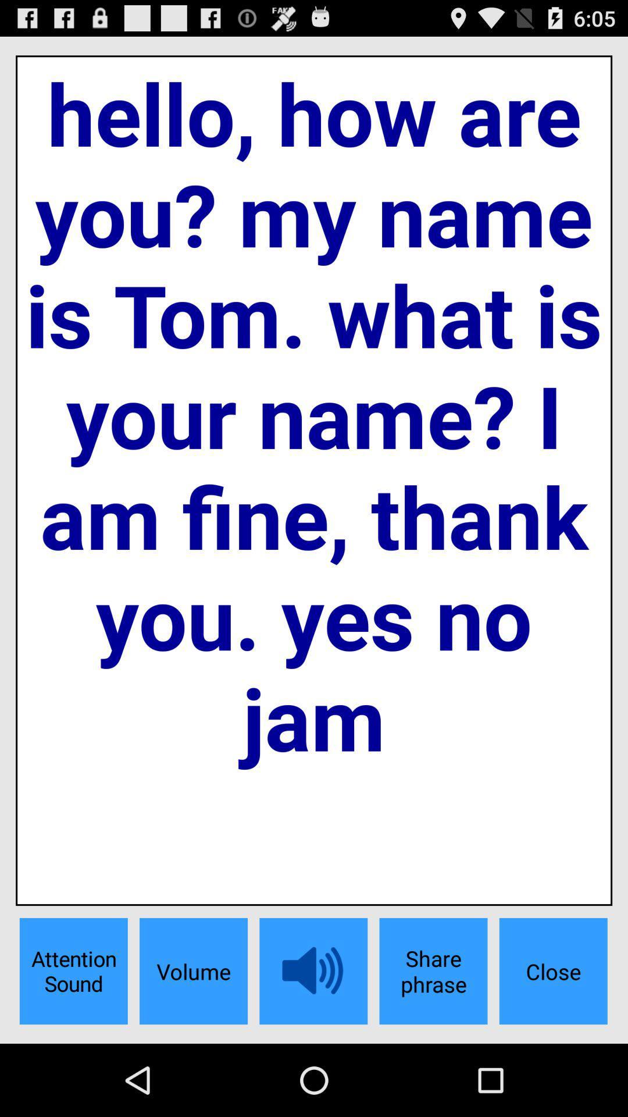 This screenshot has height=1117, width=628. I want to click on the app below hello how are item, so click(192, 971).